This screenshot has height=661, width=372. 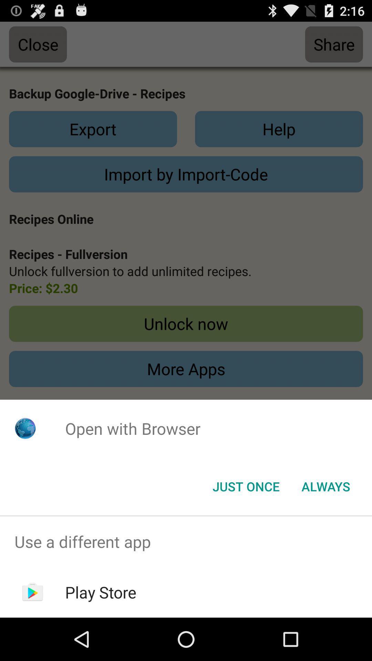 What do you see at coordinates (186, 541) in the screenshot?
I see `icon above the play store` at bounding box center [186, 541].